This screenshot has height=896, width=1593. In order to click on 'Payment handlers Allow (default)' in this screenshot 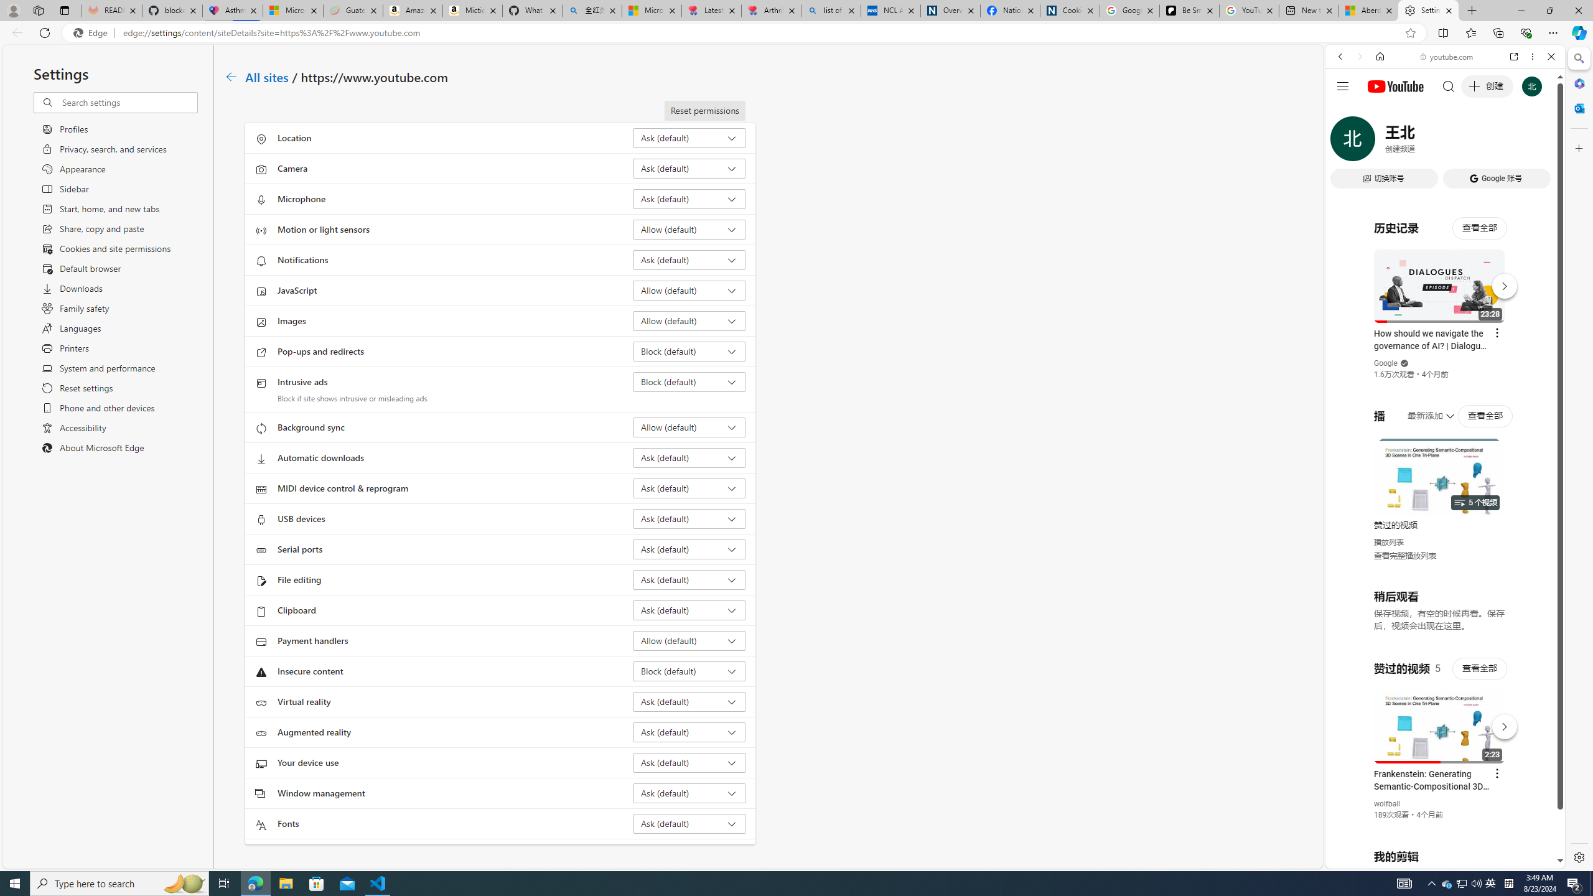, I will do `click(689, 640)`.